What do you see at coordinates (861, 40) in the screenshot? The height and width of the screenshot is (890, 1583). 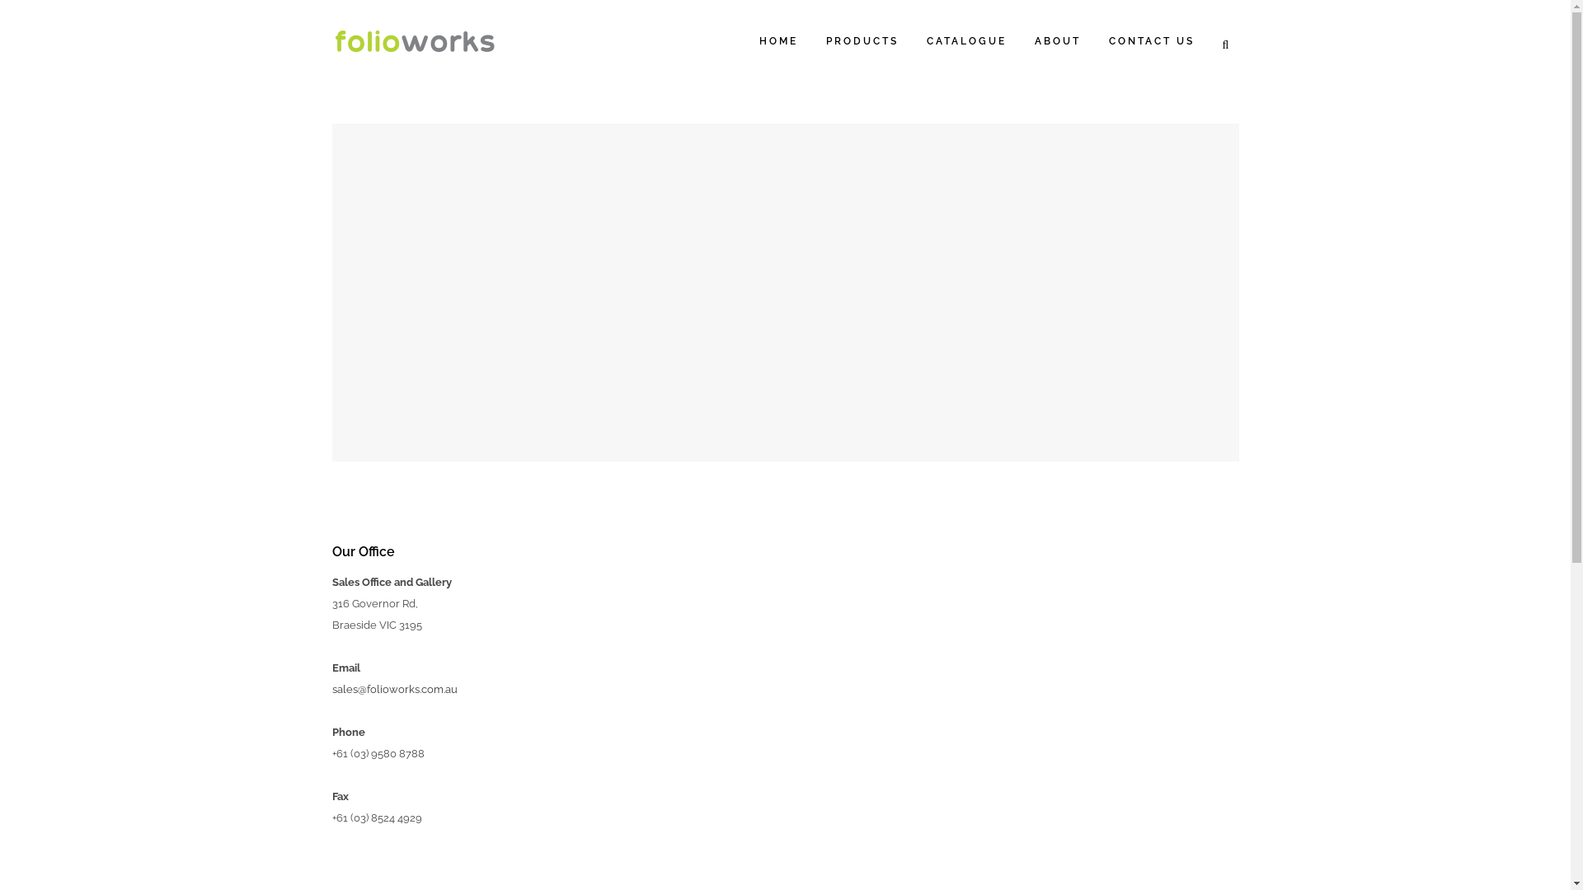 I see `'PRODUCTS'` at bounding box center [861, 40].